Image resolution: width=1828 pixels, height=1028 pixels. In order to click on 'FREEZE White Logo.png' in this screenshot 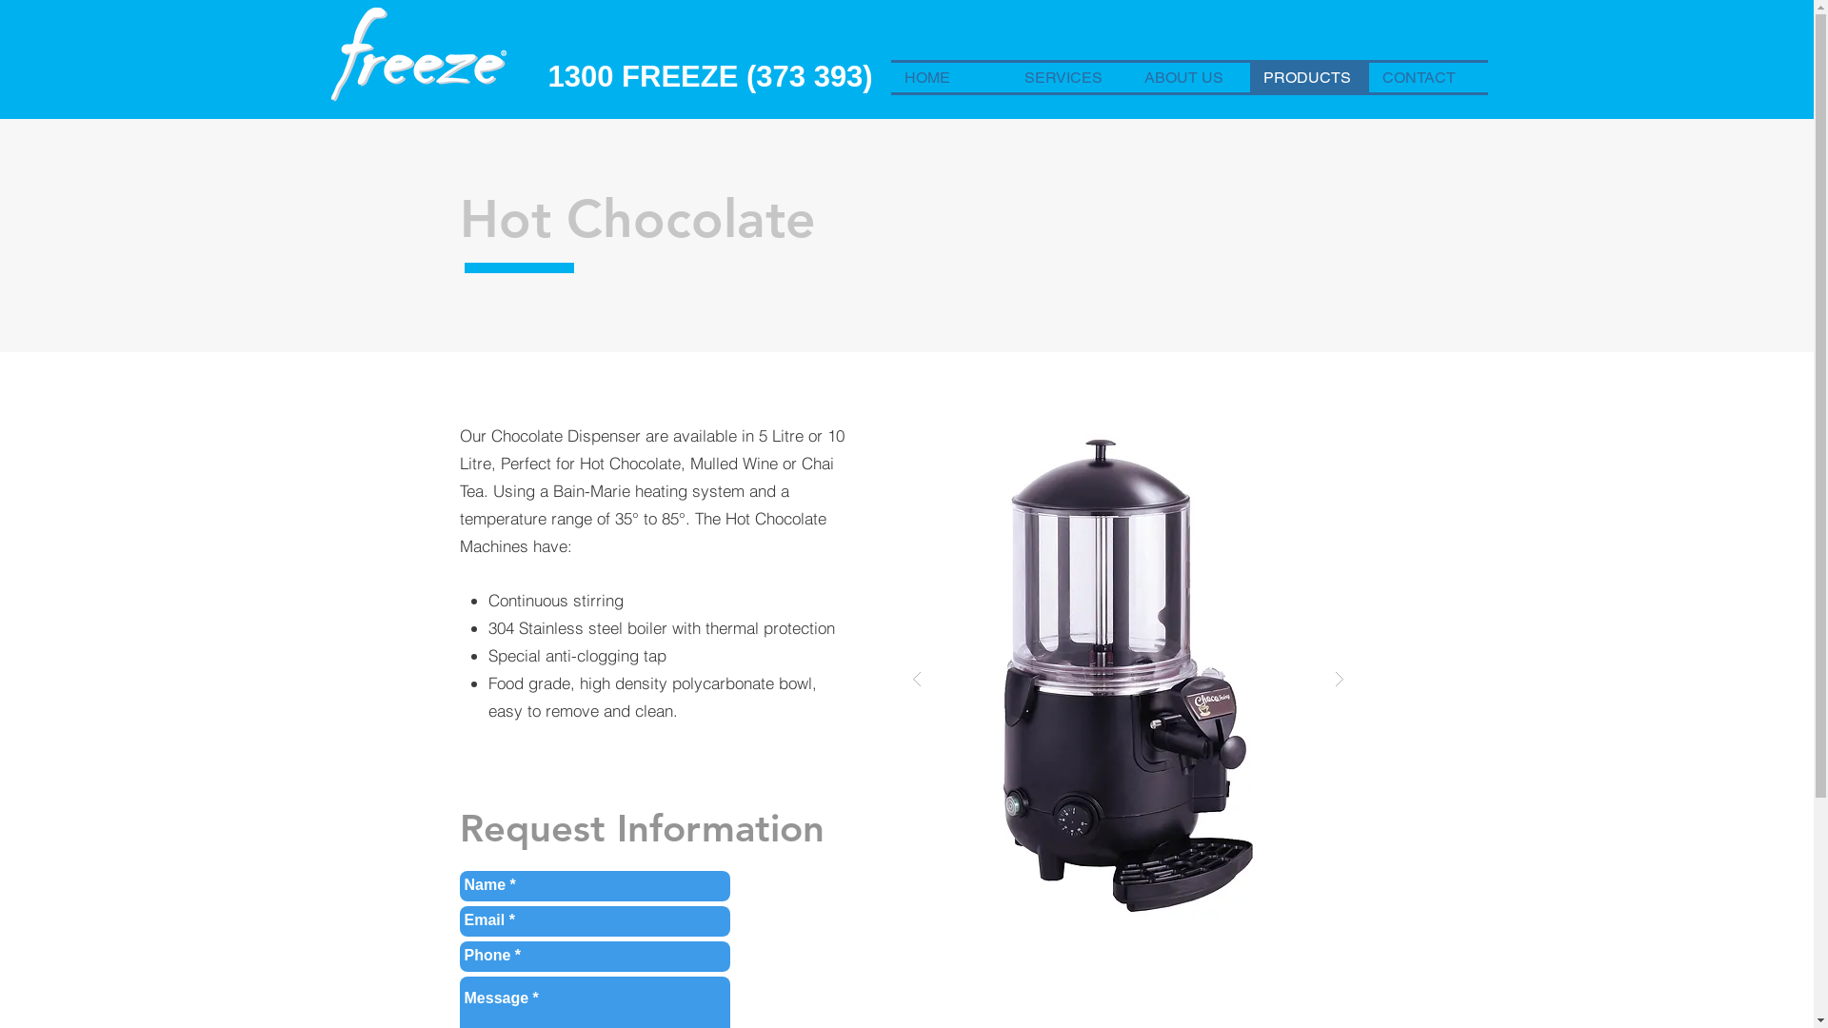, I will do `click(418, 55)`.